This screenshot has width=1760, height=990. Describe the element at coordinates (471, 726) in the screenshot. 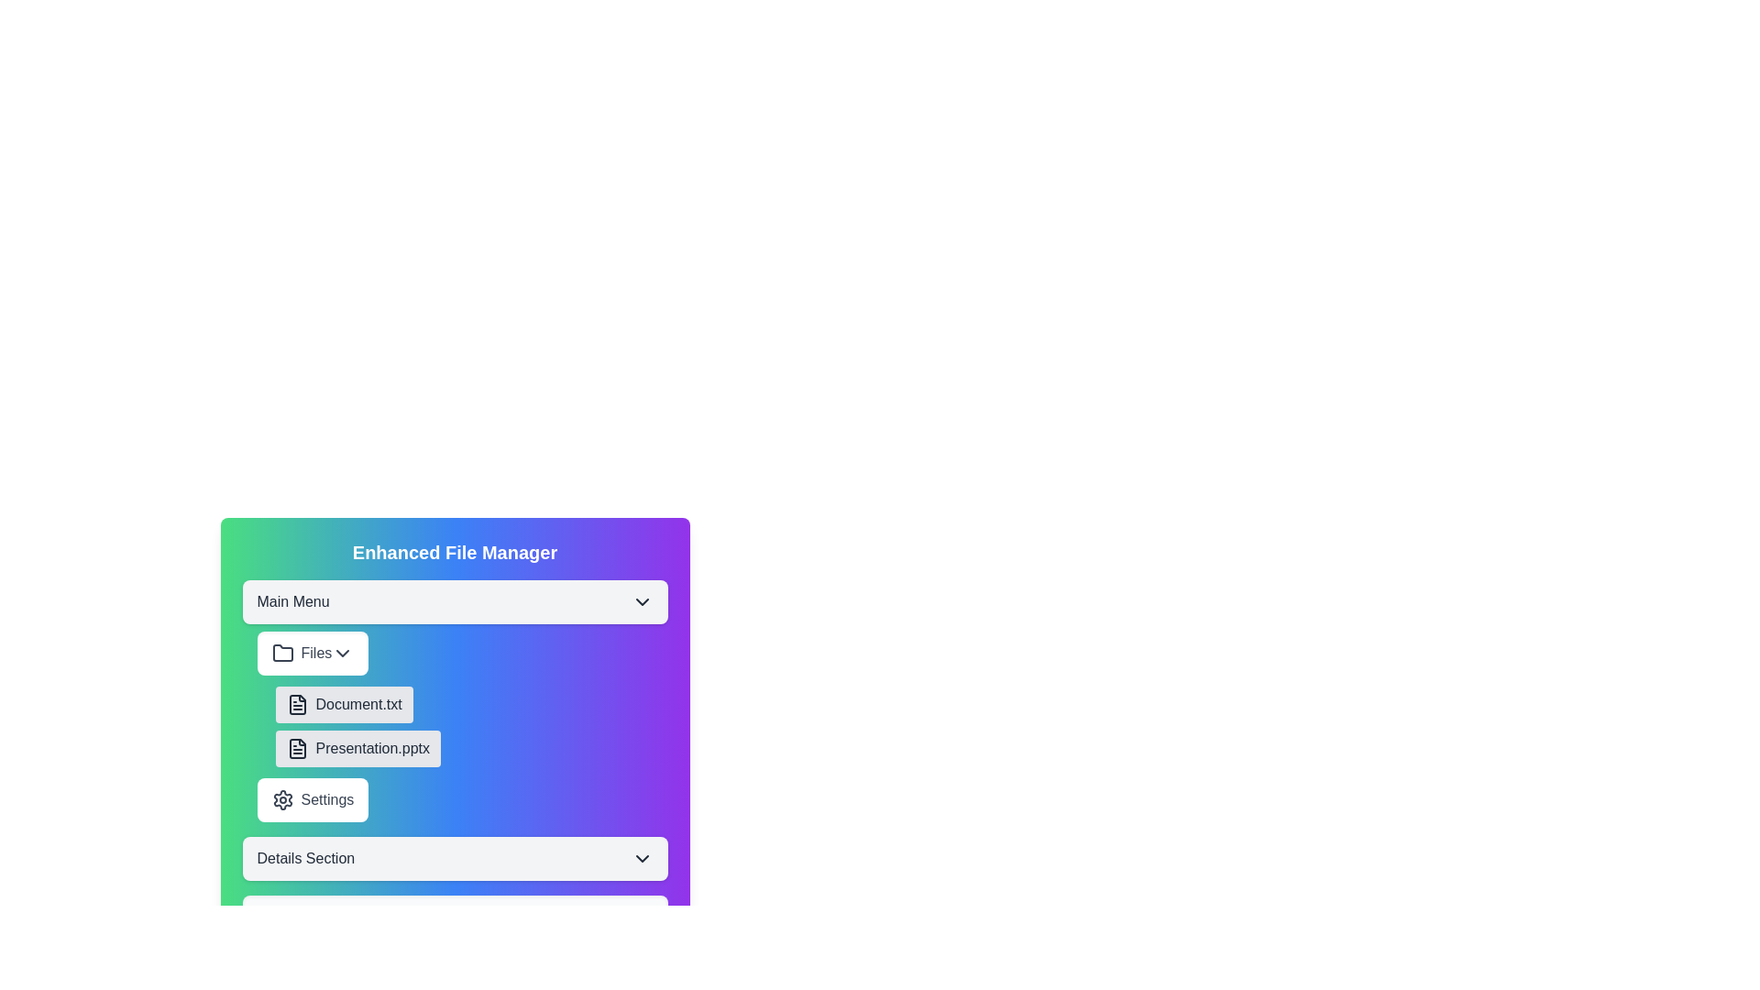

I see `the 'Document.txt' interactive file entry` at that location.